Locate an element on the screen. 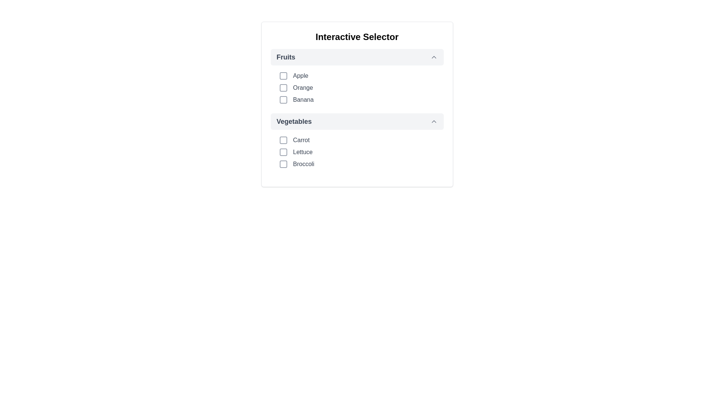 The height and width of the screenshot is (404, 719). the inactive checkbox labeled 'Broccoli', which is the third item in the vertical list under the 'Vegetables' section is located at coordinates (361, 164).